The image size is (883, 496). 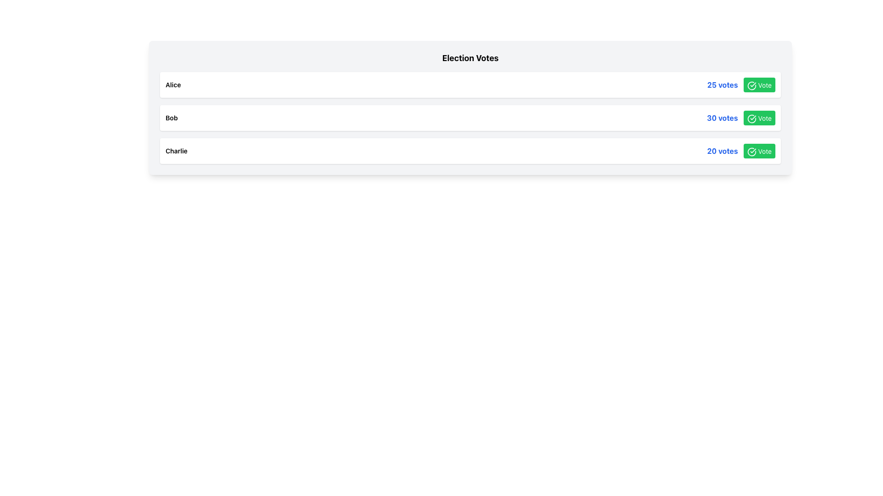 I want to click on the text label within the green button that prompts the user to consider voting for the associated row item, located on the far right side of the topmost row, aligned with the '25 votes' text, so click(x=765, y=85).